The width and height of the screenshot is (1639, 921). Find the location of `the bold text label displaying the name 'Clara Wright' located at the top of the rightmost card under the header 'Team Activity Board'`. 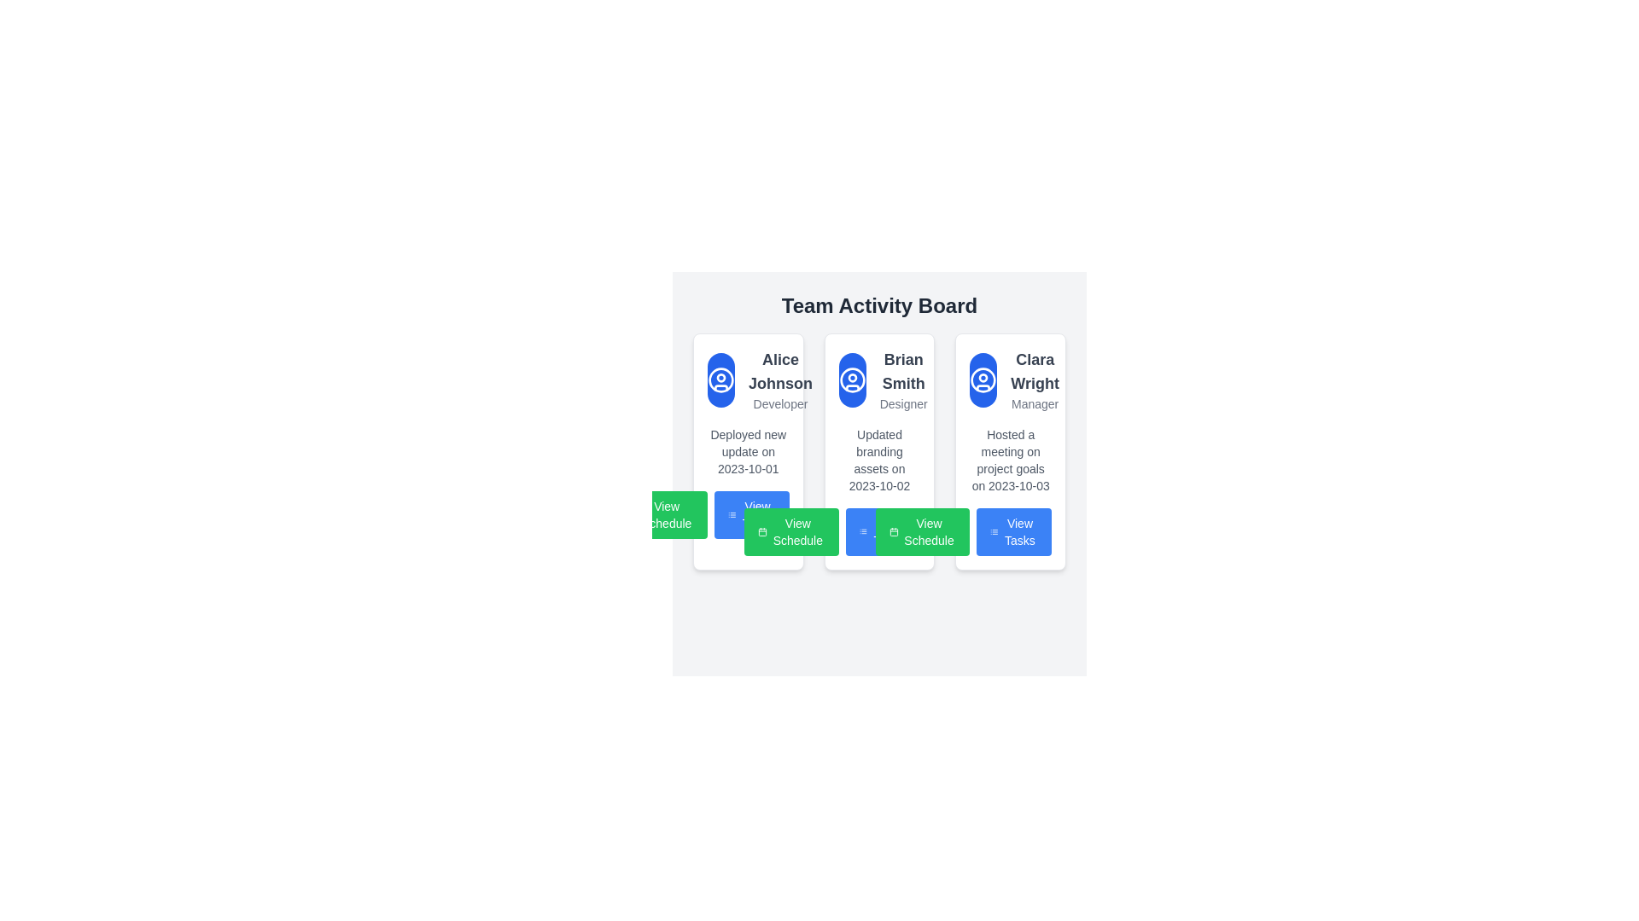

the bold text label displaying the name 'Clara Wright' located at the top of the rightmost card under the header 'Team Activity Board' is located at coordinates (1034, 370).